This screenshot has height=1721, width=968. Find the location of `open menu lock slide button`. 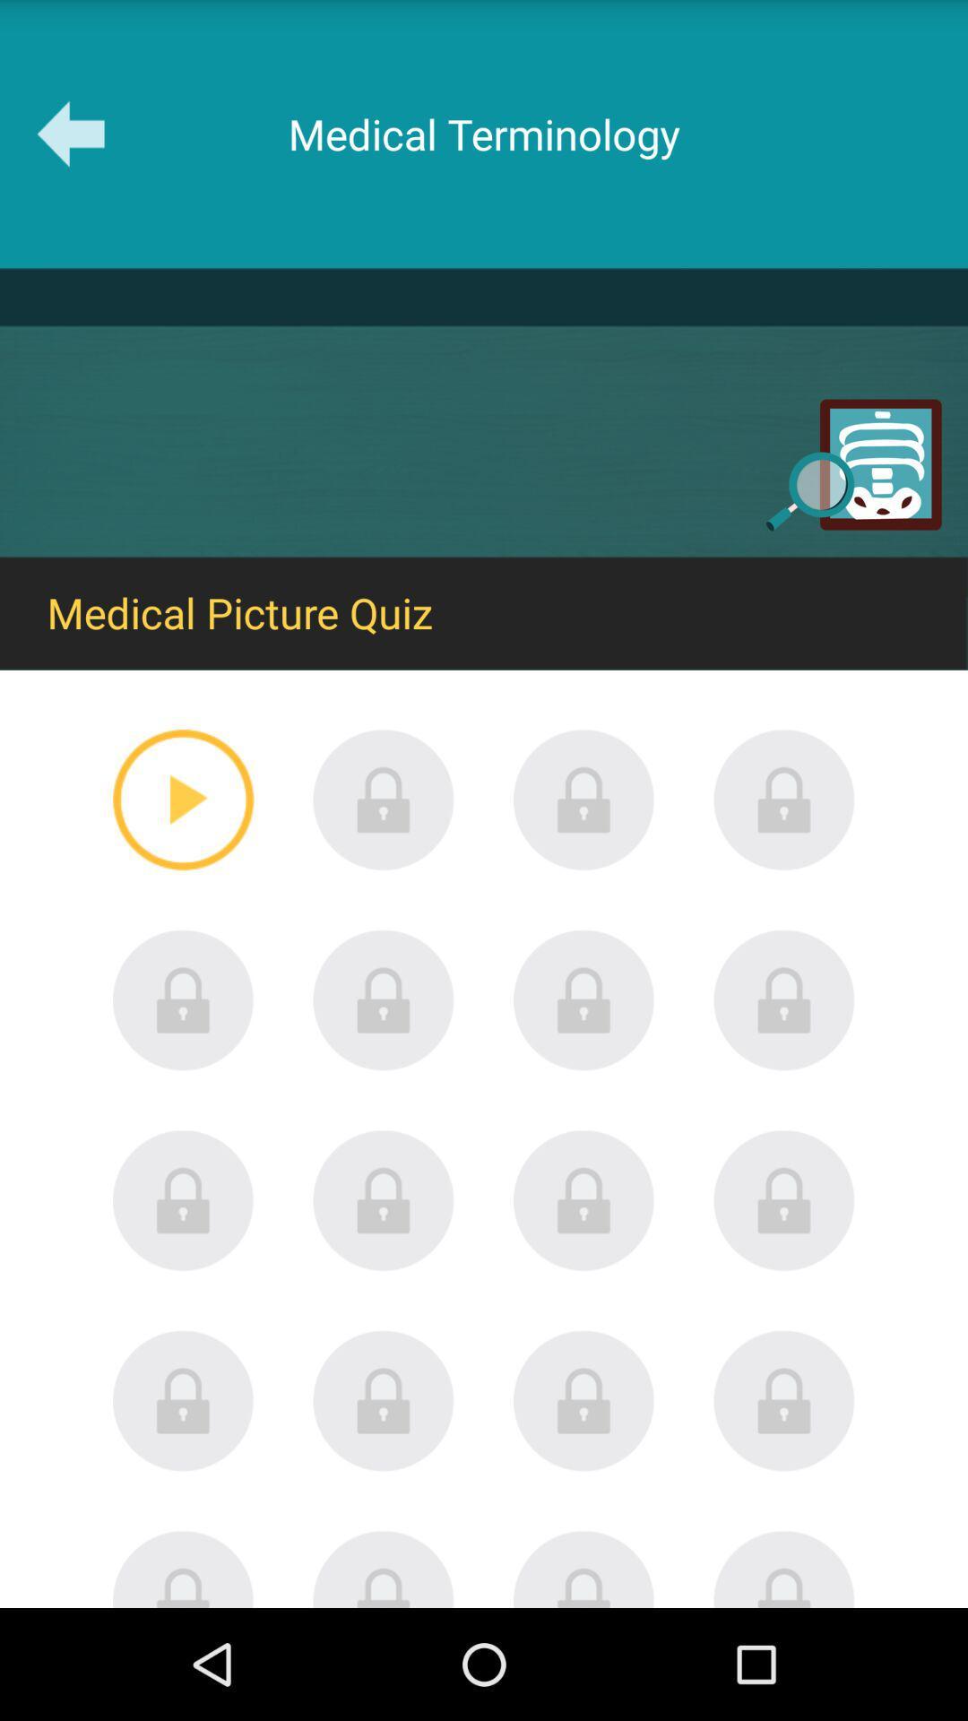

open menu lock slide button is located at coordinates (583, 1568).